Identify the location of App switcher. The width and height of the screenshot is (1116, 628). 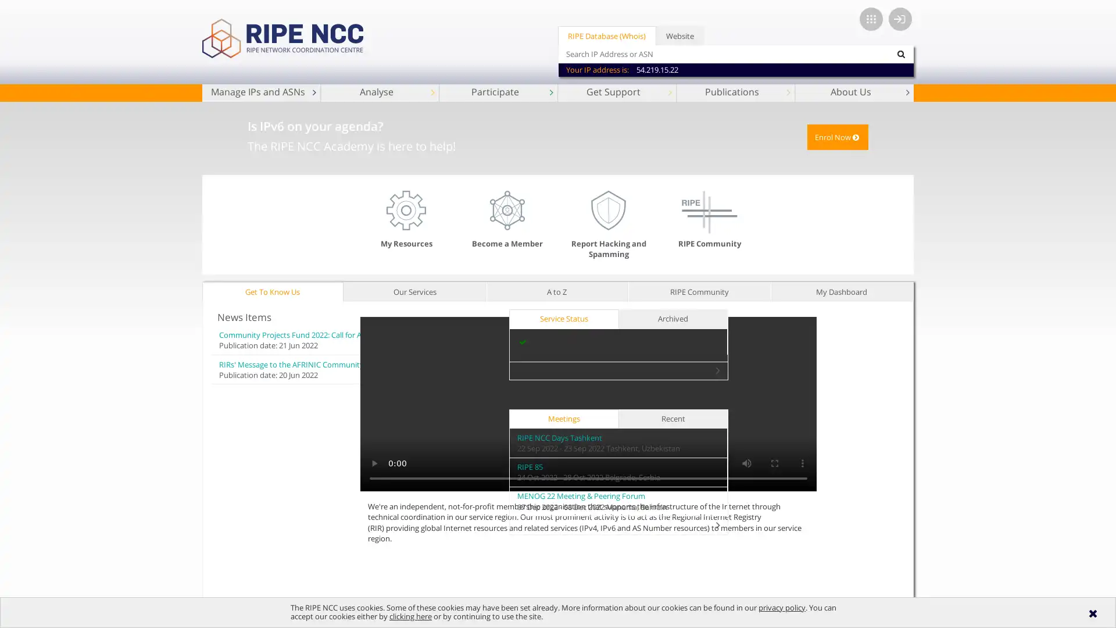
(871, 19).